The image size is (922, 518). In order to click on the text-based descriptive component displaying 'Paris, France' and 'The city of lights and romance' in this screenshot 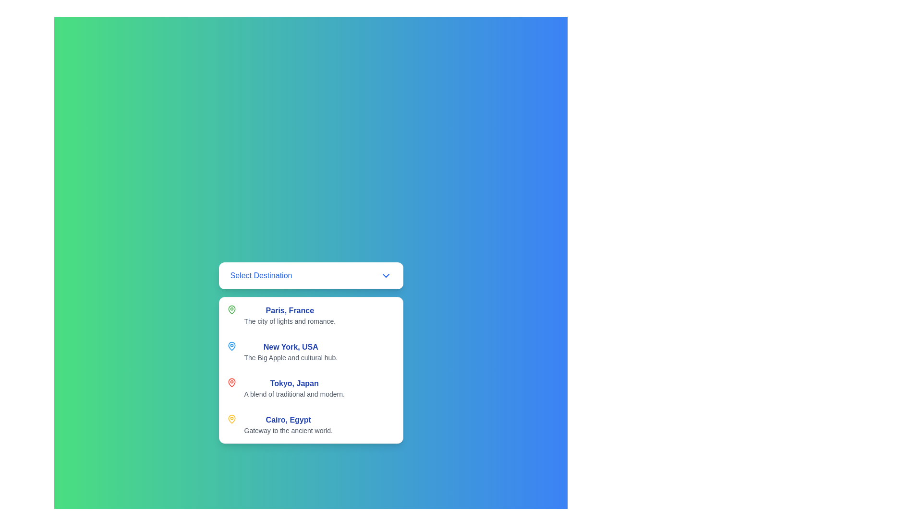, I will do `click(289, 316)`.